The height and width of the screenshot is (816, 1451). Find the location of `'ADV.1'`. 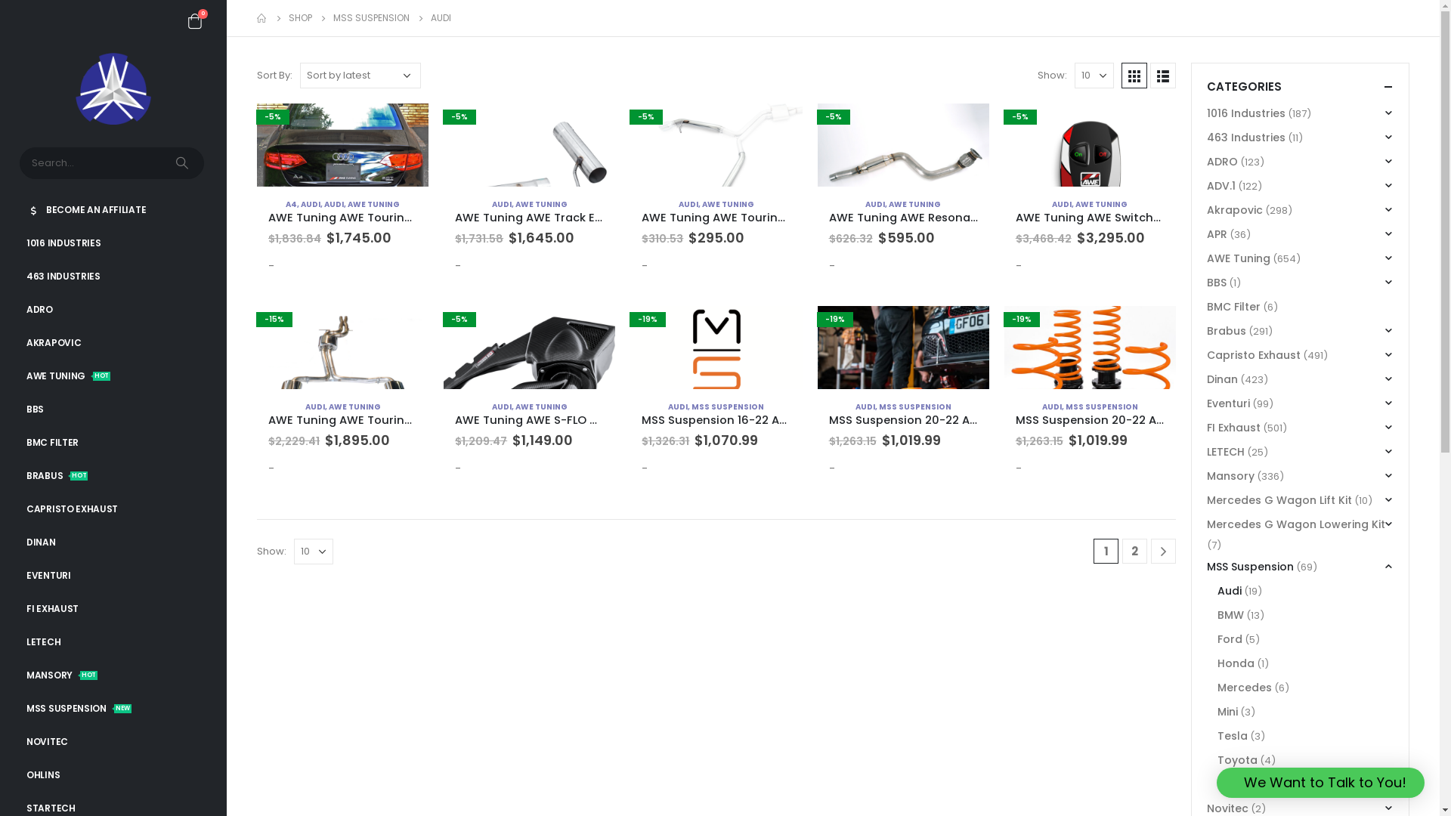

'ADV.1' is located at coordinates (1221, 185).